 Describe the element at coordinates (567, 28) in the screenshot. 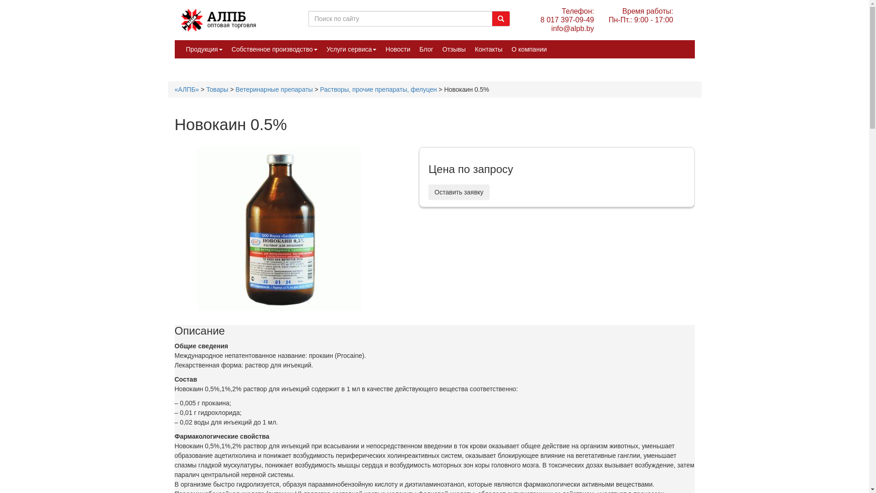

I see `'info@alpb.by'` at that location.